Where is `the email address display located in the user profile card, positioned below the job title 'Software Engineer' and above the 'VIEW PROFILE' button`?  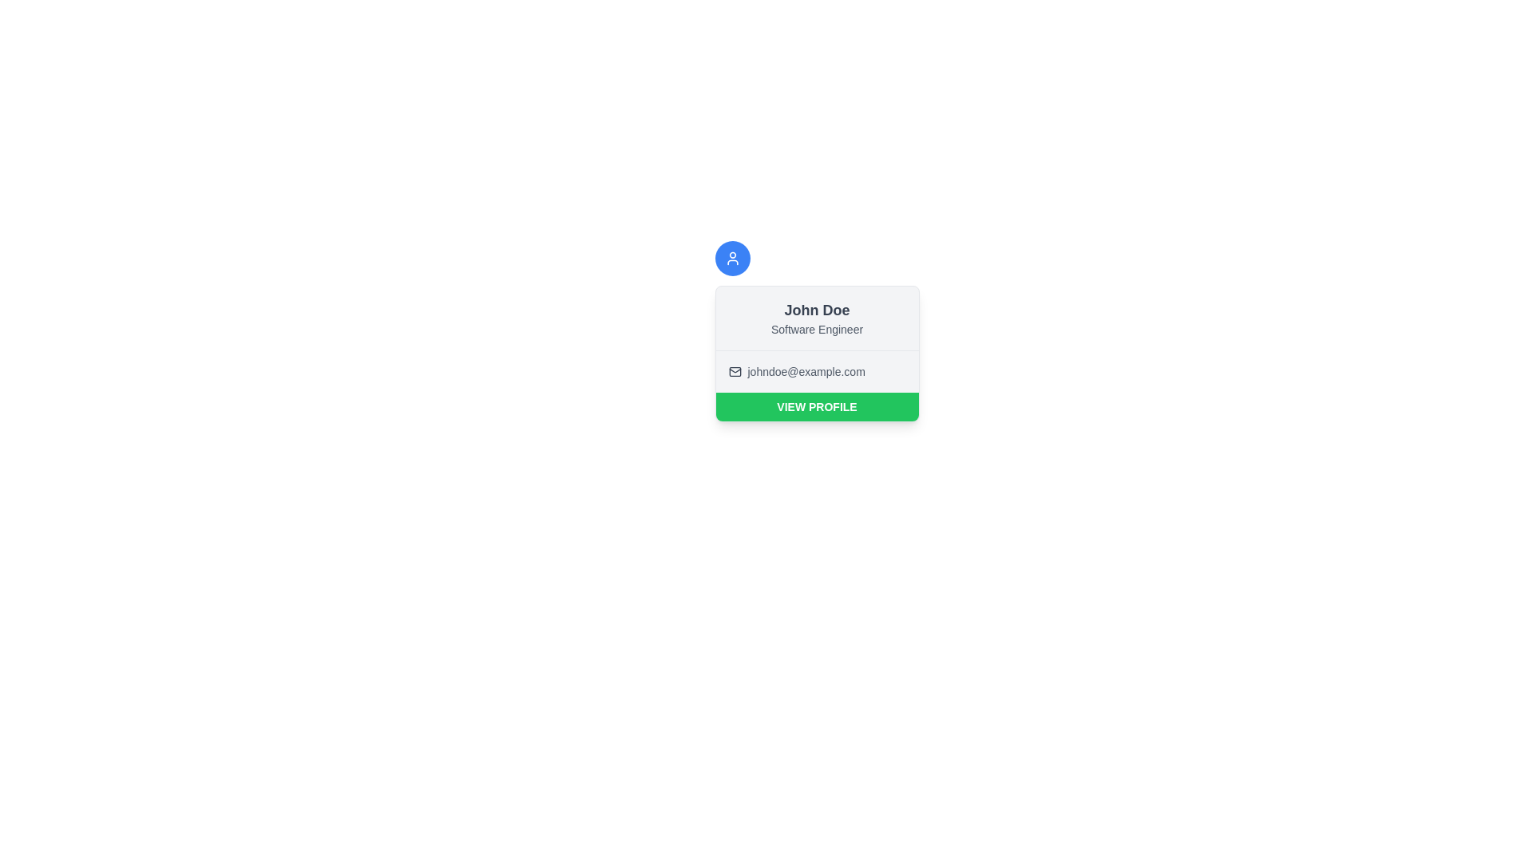
the email address display located in the user profile card, positioned below the job title 'Software Engineer' and above the 'VIEW PROFILE' button is located at coordinates (817, 372).